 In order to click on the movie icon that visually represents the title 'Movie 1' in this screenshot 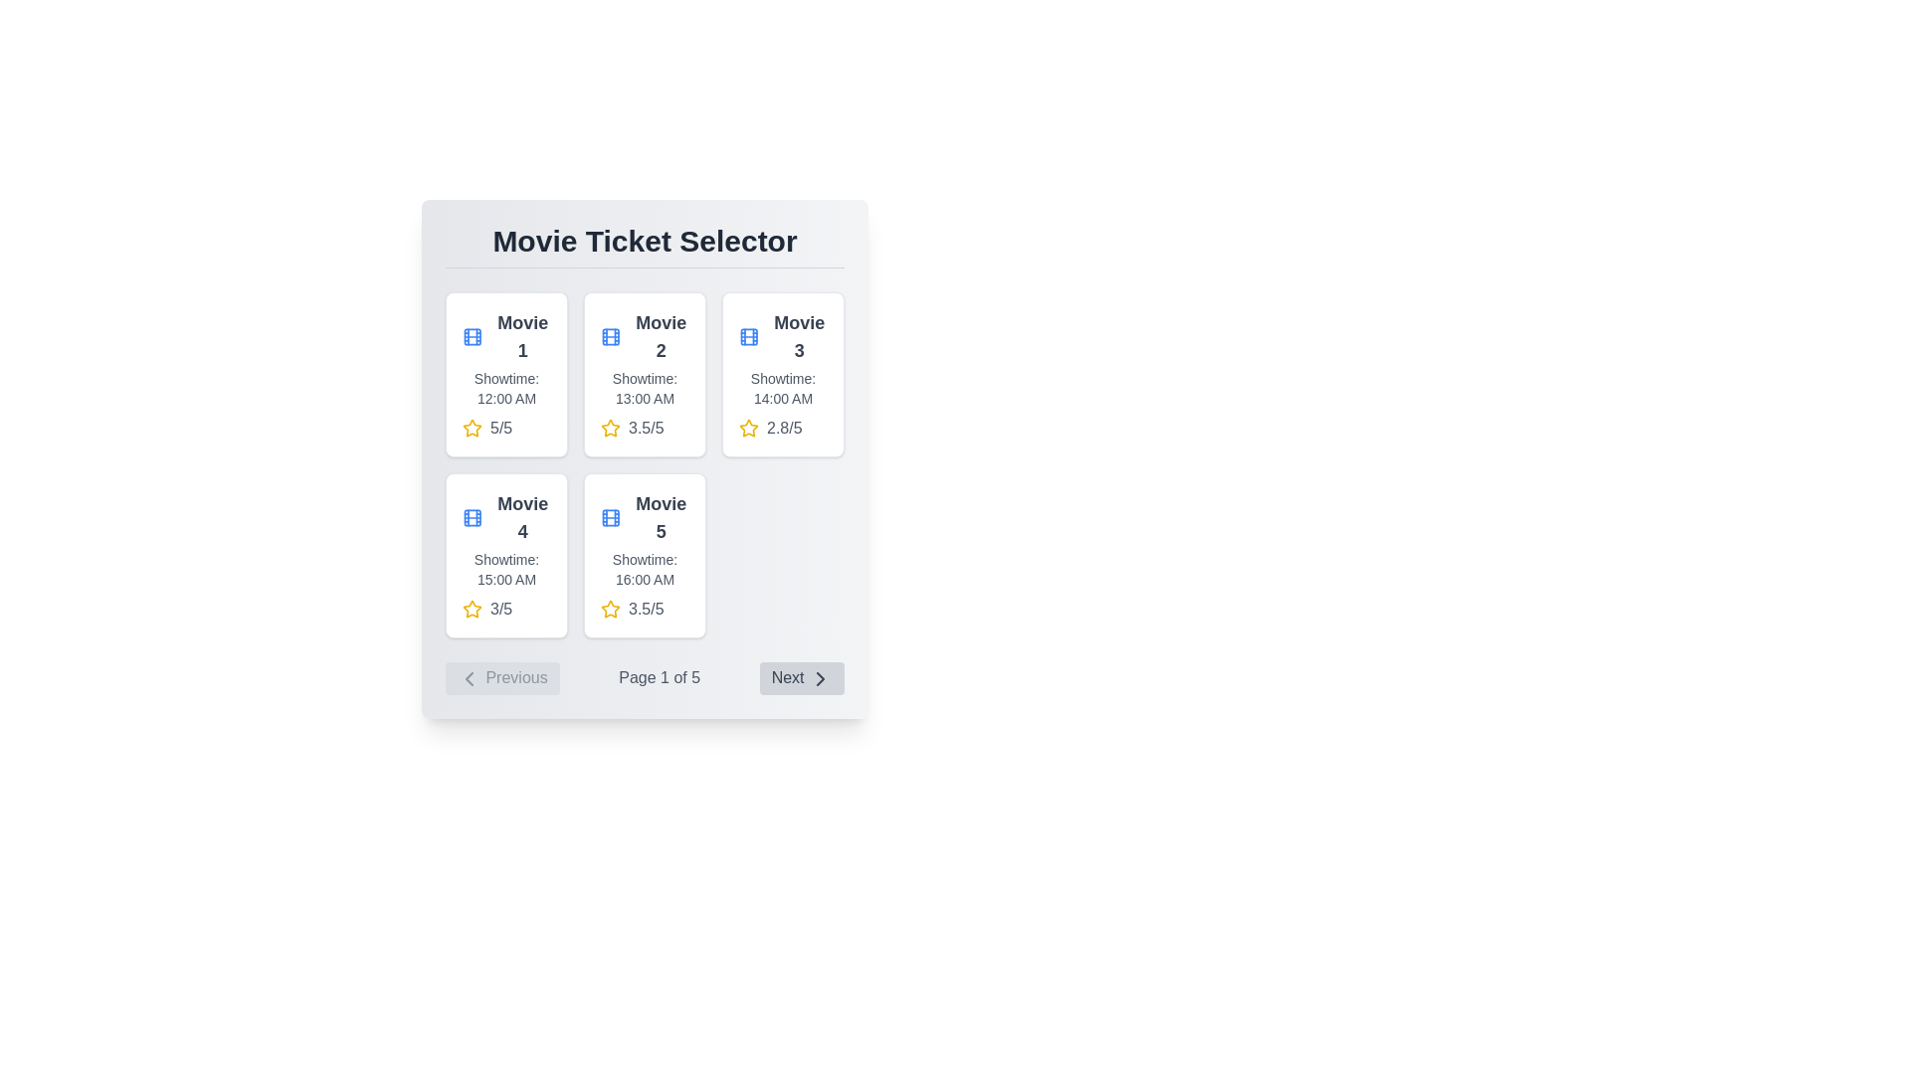, I will do `click(472, 336)`.